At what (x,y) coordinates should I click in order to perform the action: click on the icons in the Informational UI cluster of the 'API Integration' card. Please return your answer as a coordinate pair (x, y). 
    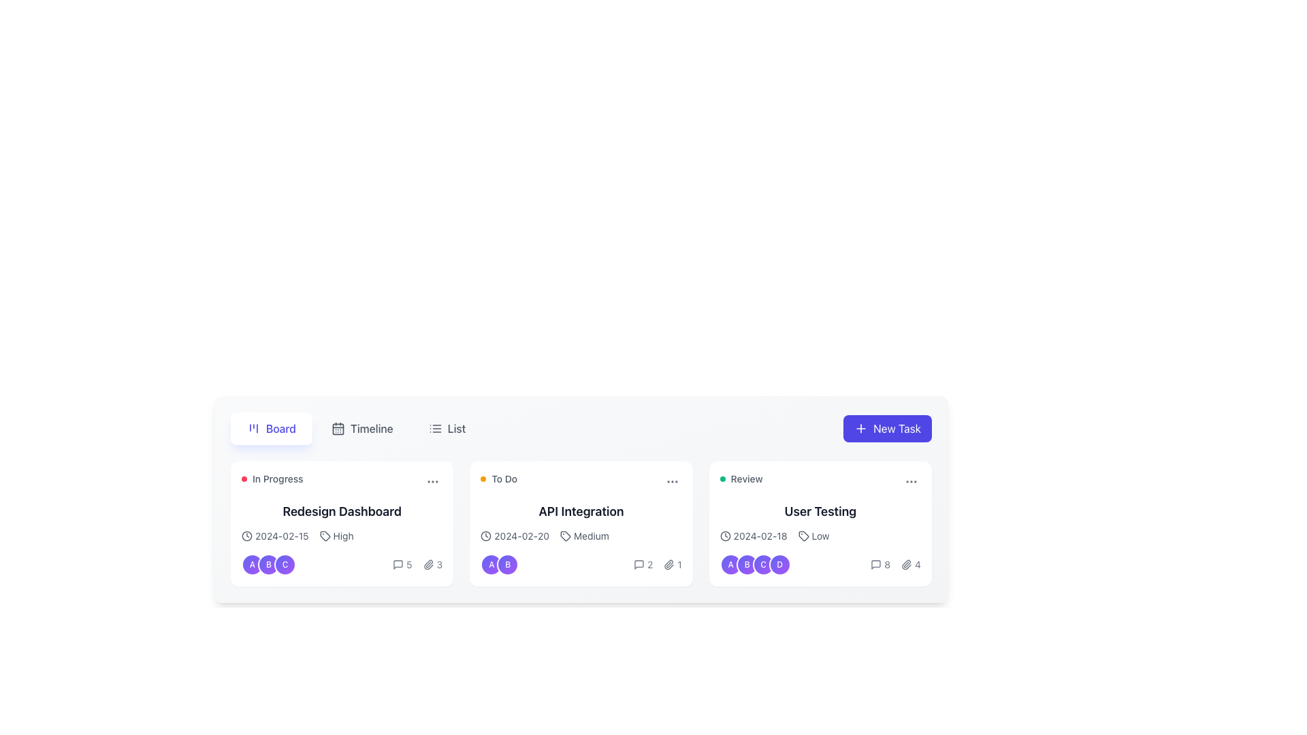
    Looking at the image, I should click on (658, 564).